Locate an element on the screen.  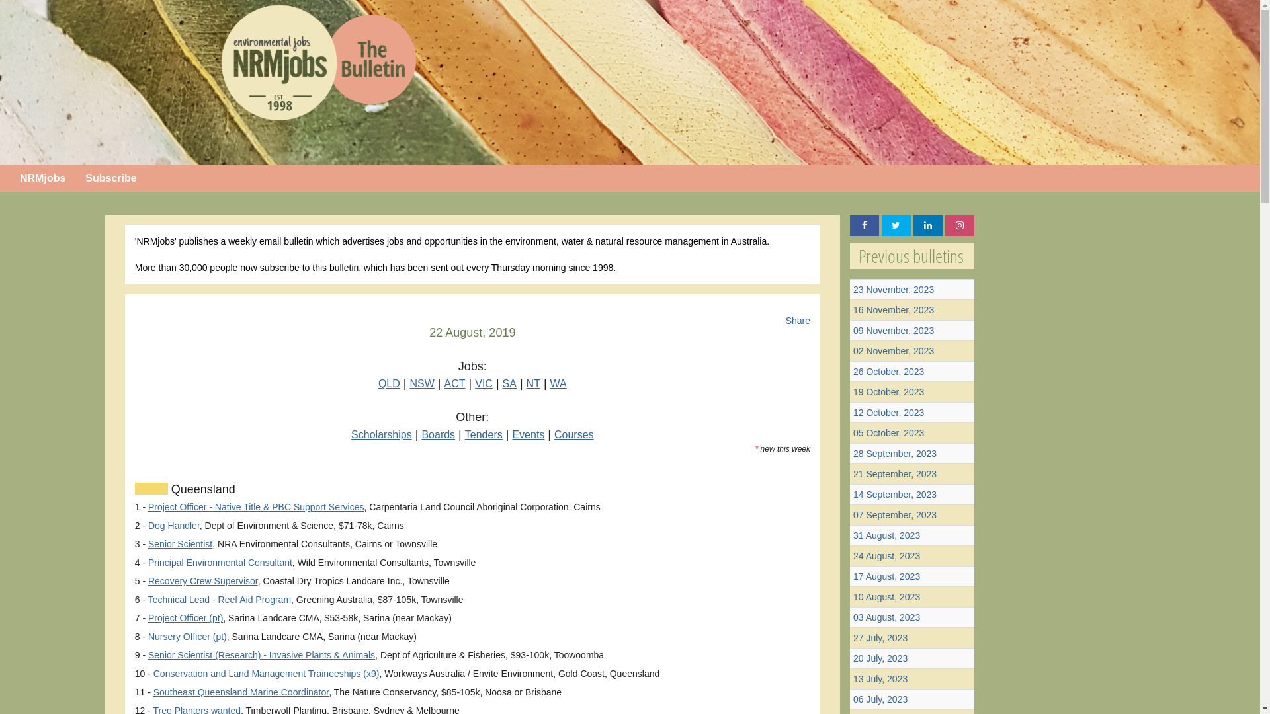
'Senior Scientist (Research) - Invasive Plants & Animals' is located at coordinates (261, 655).